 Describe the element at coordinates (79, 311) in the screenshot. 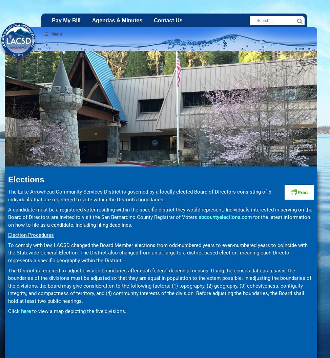

I see `'to view a map depicting the five divisions.'` at that location.